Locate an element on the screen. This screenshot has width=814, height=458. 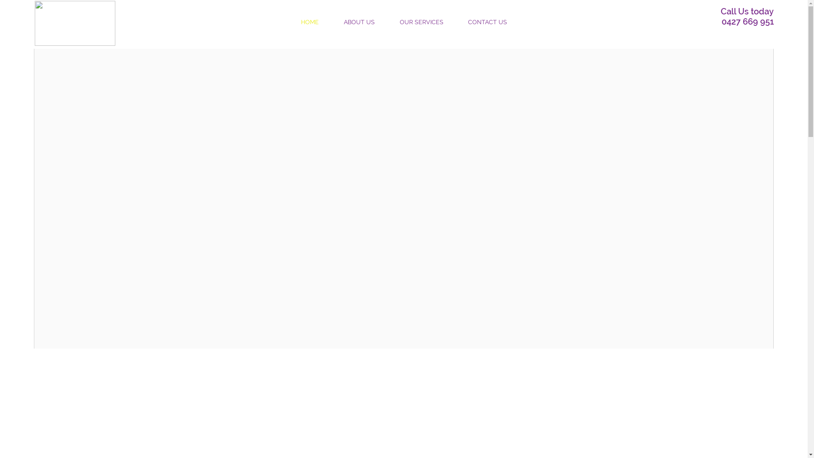
'OUR SERVICES' is located at coordinates (387, 21).